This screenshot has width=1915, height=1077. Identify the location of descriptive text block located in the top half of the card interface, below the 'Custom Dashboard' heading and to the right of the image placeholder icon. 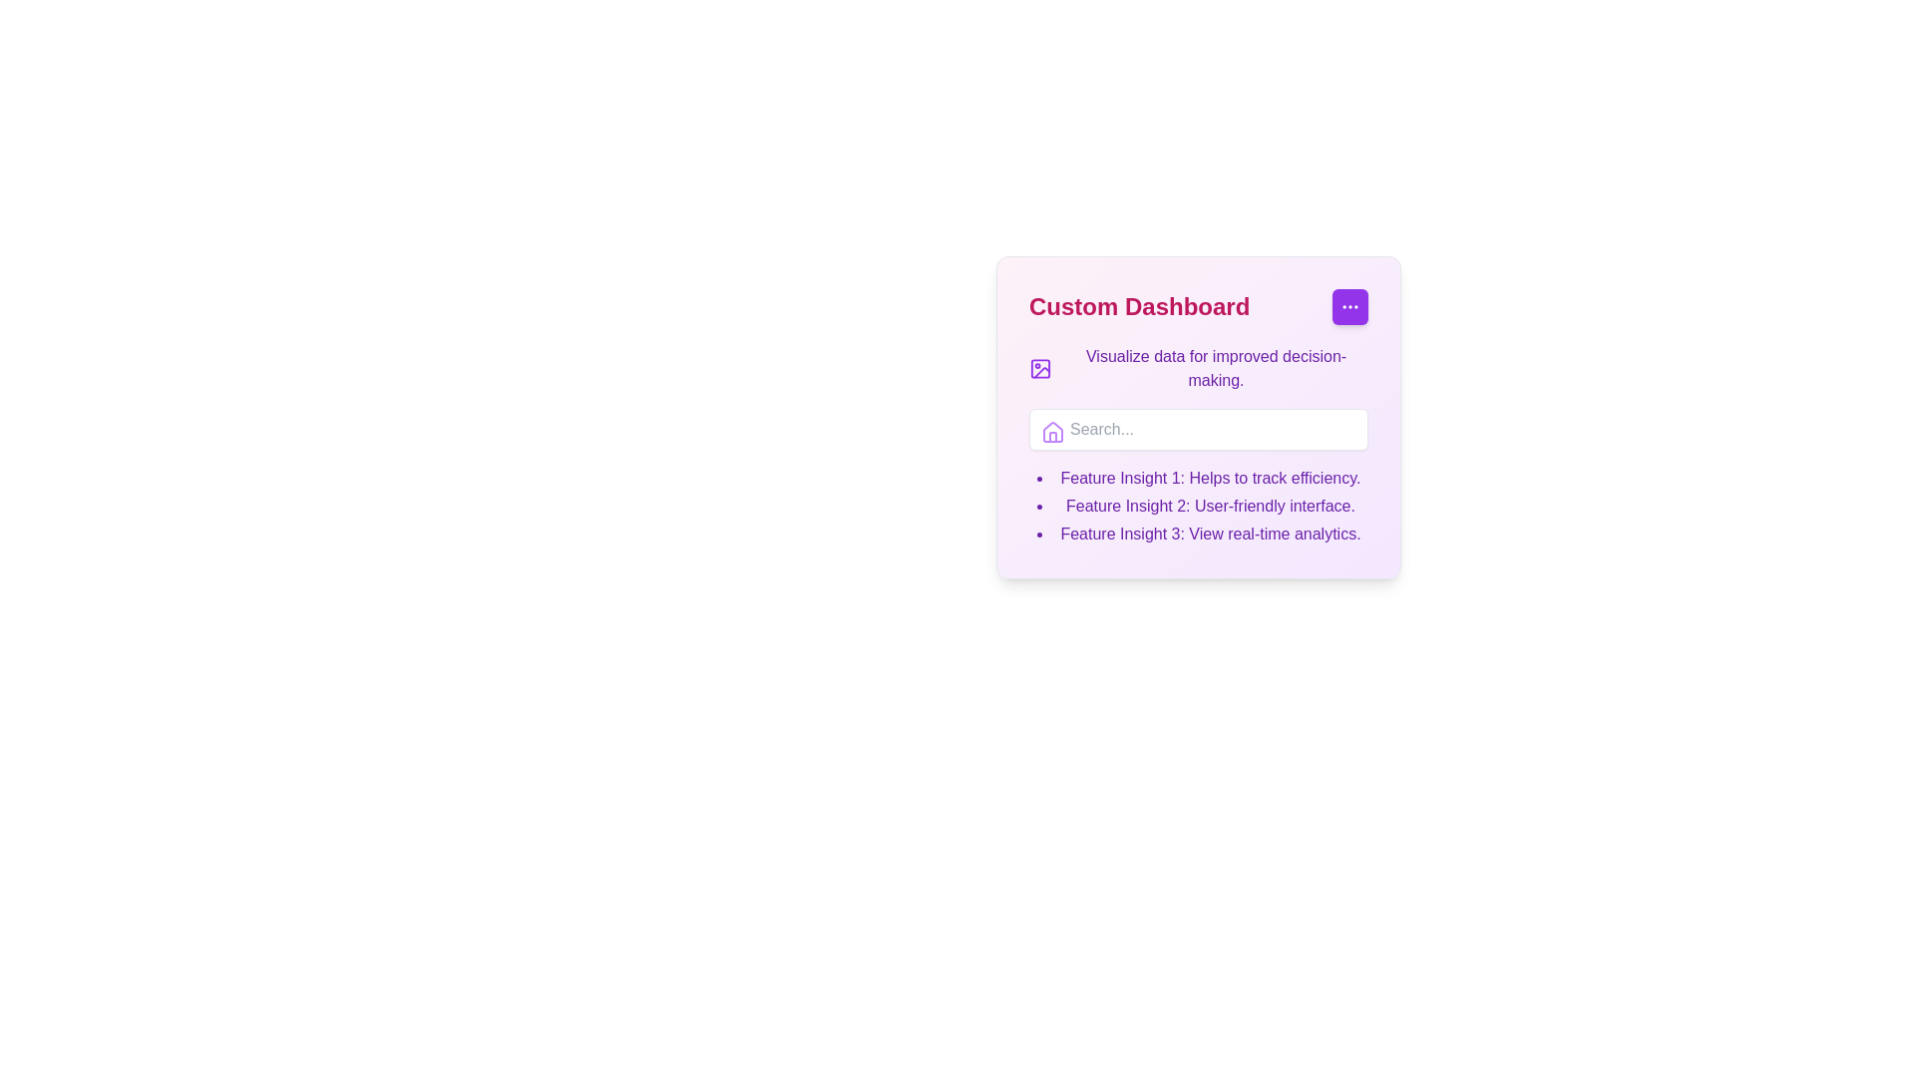
(1215, 369).